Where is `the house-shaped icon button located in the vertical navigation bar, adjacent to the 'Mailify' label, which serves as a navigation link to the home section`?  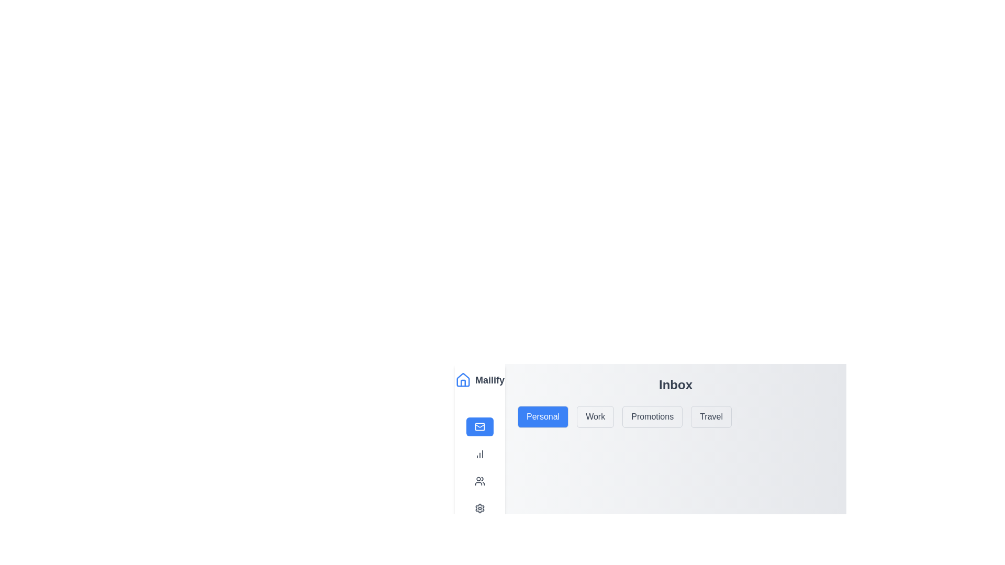
the house-shaped icon button located in the vertical navigation bar, adjacent to the 'Mailify' label, which serves as a navigation link to the home section is located at coordinates (462, 383).